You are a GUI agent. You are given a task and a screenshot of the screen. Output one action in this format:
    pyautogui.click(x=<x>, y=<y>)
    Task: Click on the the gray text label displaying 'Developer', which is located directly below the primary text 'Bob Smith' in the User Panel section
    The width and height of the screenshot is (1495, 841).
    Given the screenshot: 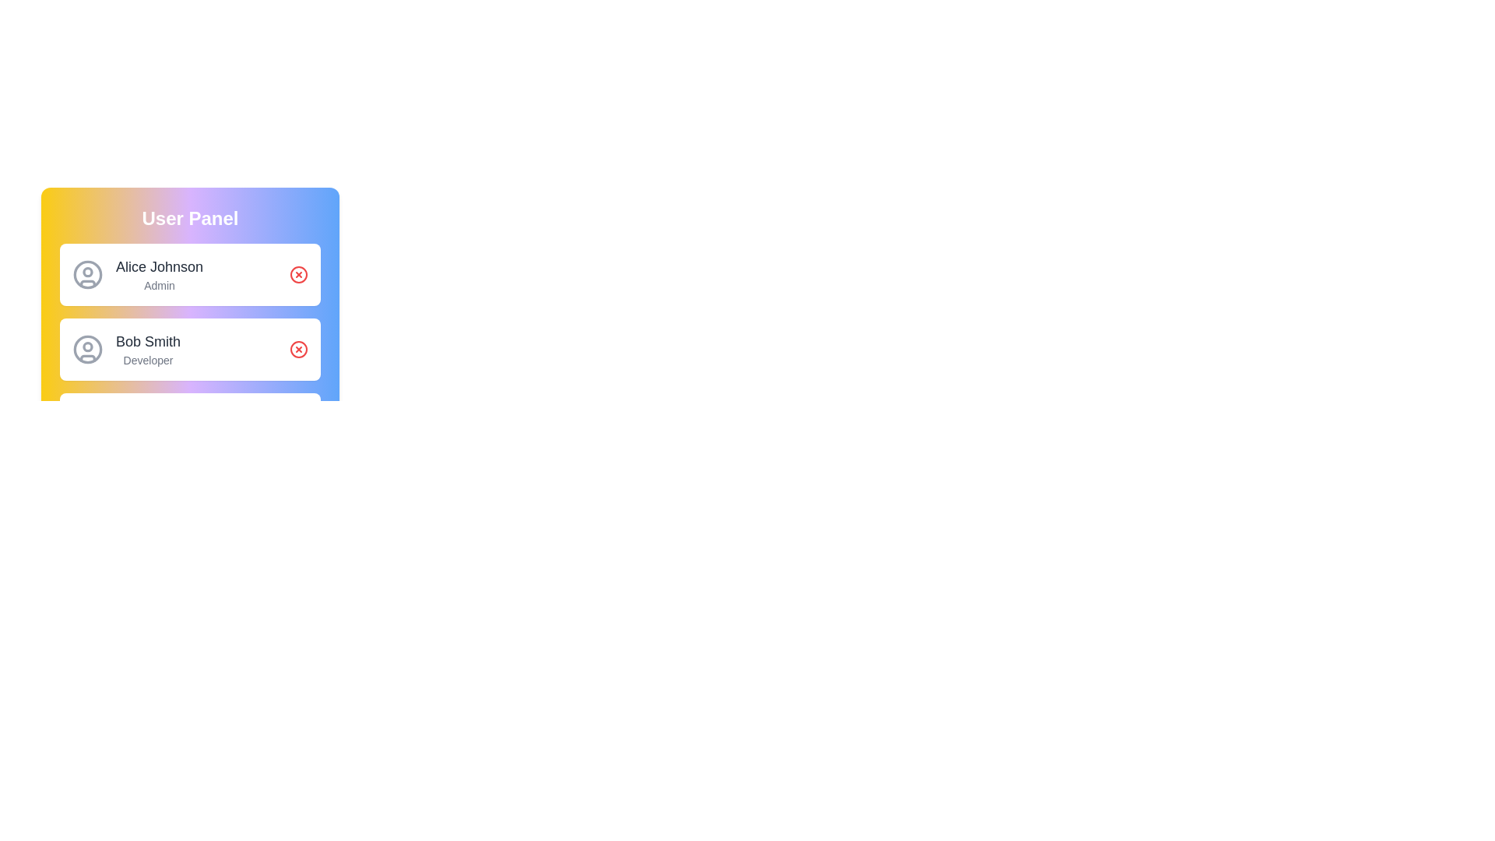 What is the action you would take?
    pyautogui.click(x=148, y=360)
    